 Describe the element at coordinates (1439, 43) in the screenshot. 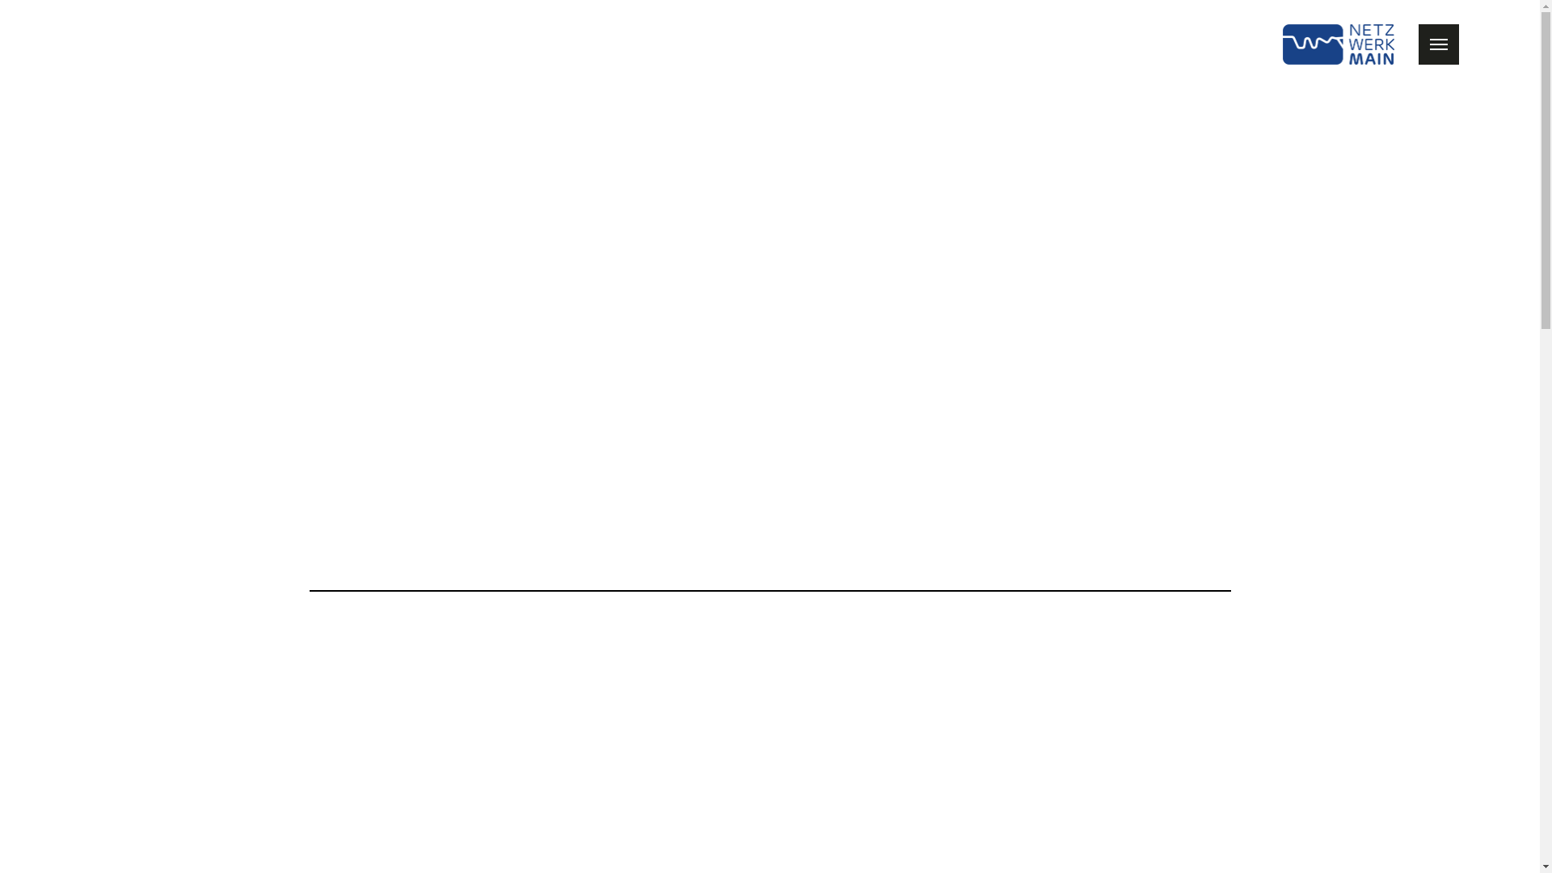

I see `'Show / Hide Navigation'` at that location.